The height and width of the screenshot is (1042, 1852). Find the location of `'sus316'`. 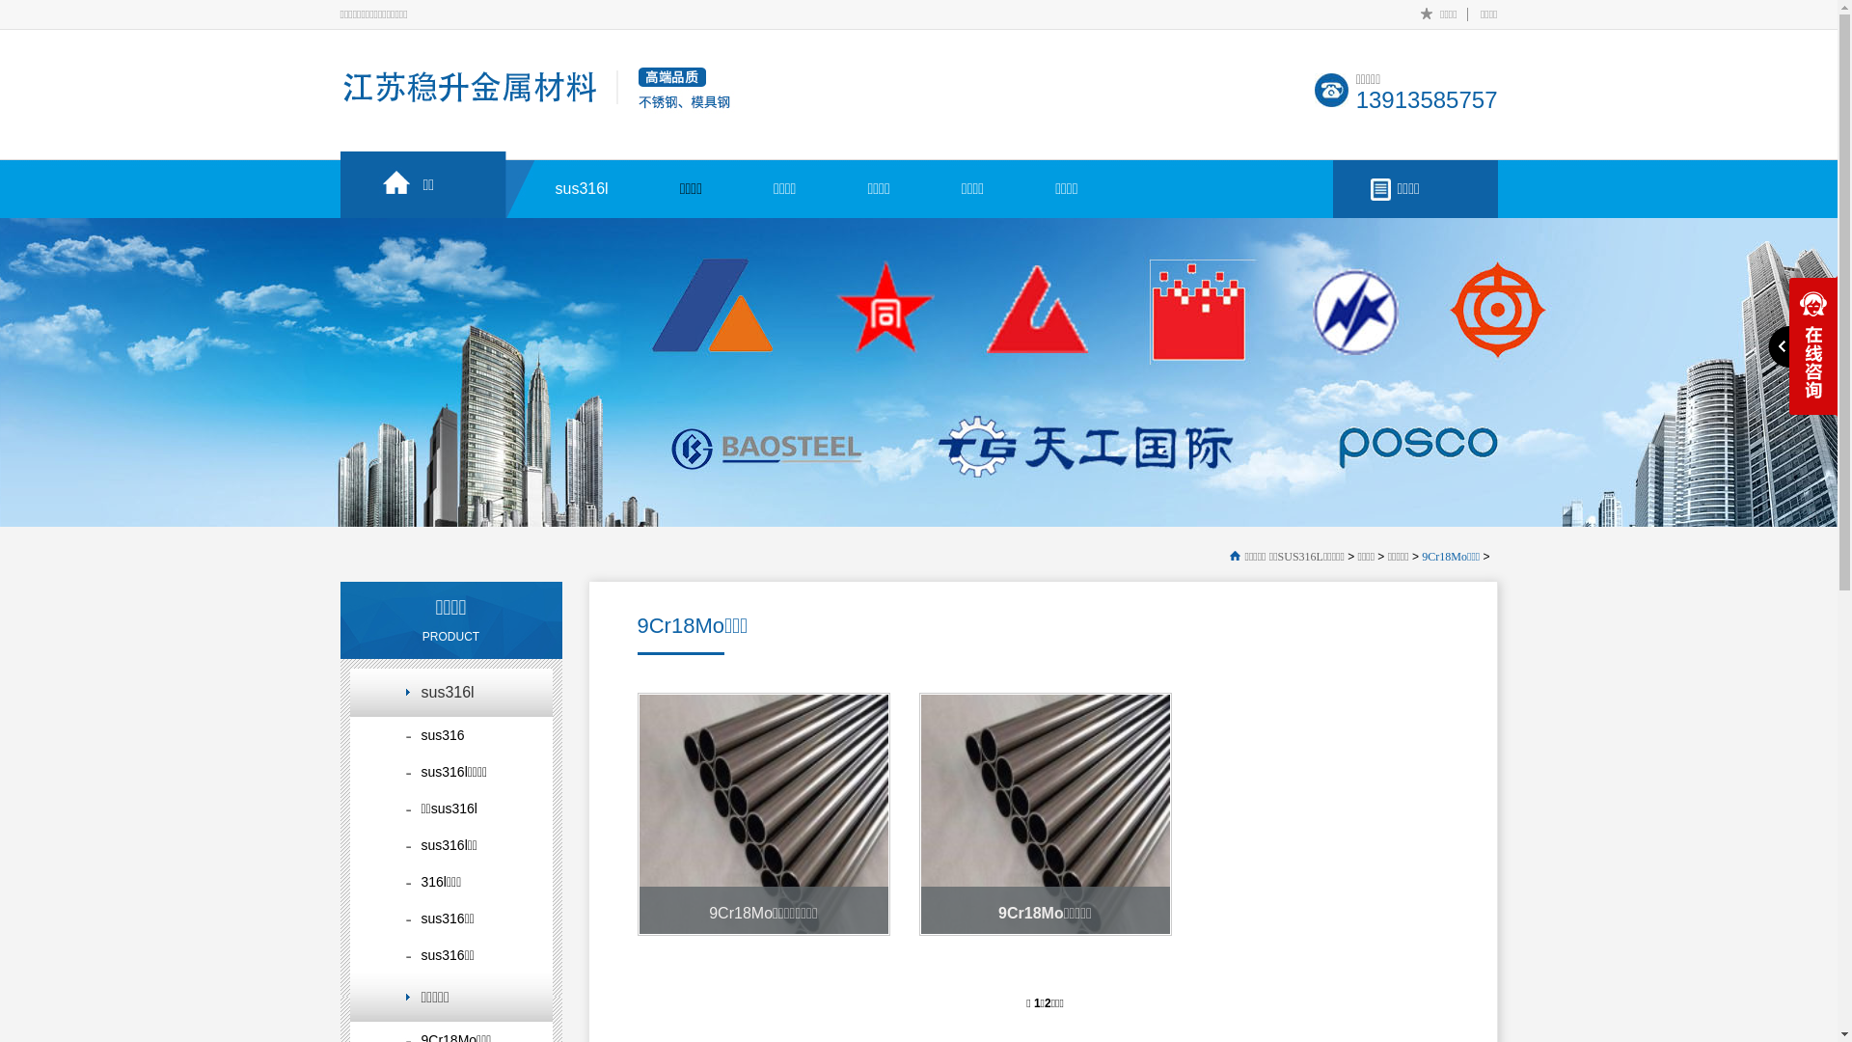

'sus316' is located at coordinates (449, 735).